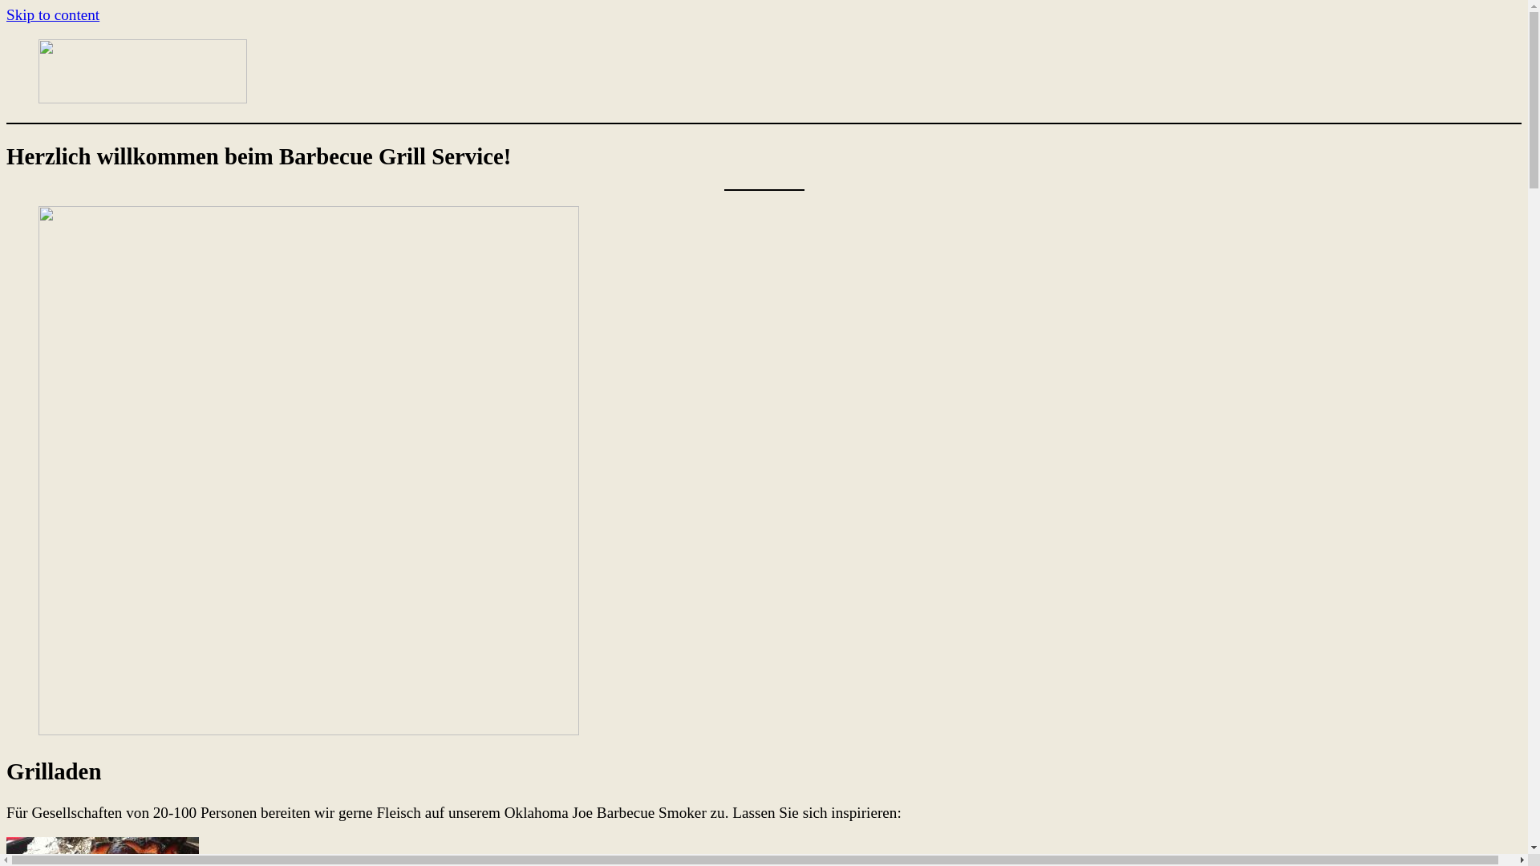 Image resolution: width=1540 pixels, height=866 pixels. What do you see at coordinates (53, 14) in the screenshot?
I see `'Skip to content'` at bounding box center [53, 14].